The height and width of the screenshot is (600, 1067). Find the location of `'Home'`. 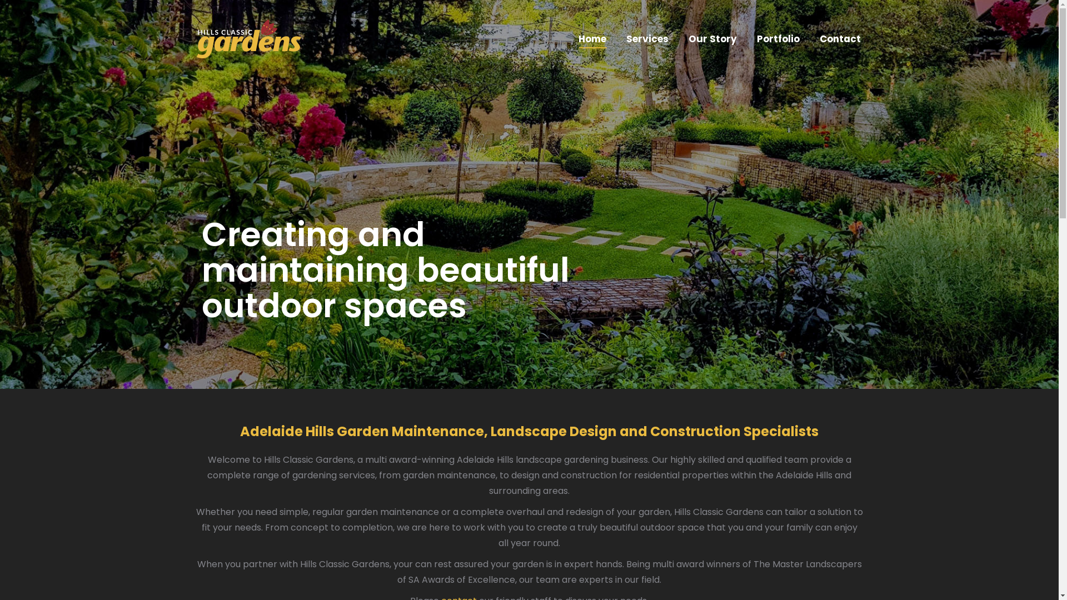

'Home' is located at coordinates (591, 38).